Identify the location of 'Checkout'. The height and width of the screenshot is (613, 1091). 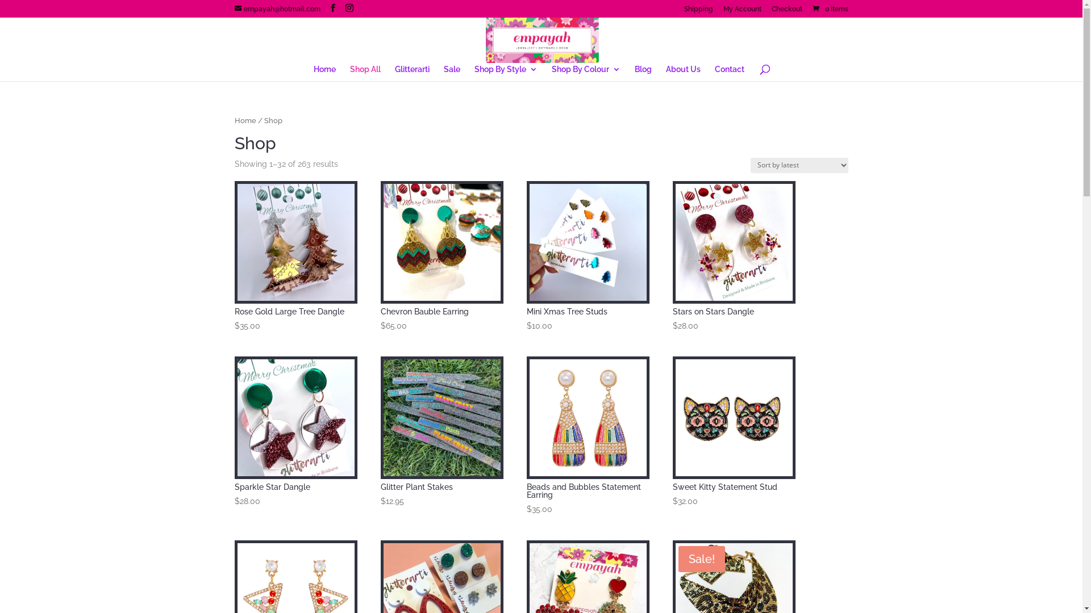
(786, 11).